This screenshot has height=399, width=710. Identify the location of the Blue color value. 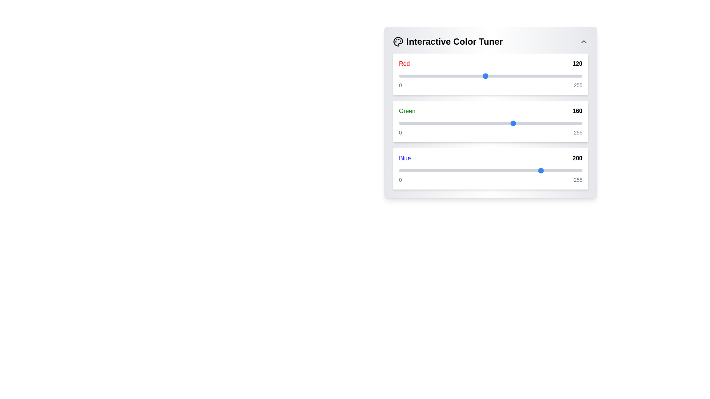
(517, 171).